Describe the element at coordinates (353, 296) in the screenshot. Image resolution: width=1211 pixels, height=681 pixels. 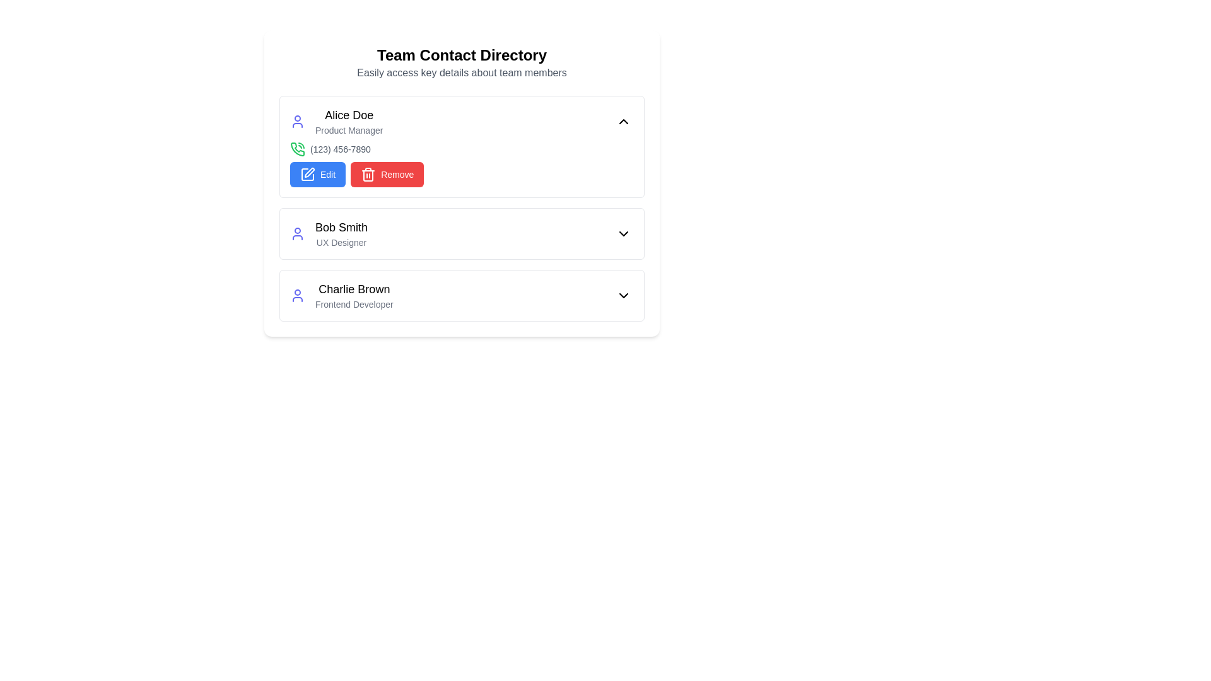
I see `text display for team member 'Charlie Brown', who is identified as a Frontend Developer, located as the third card in the vertical list of contact cards` at that location.